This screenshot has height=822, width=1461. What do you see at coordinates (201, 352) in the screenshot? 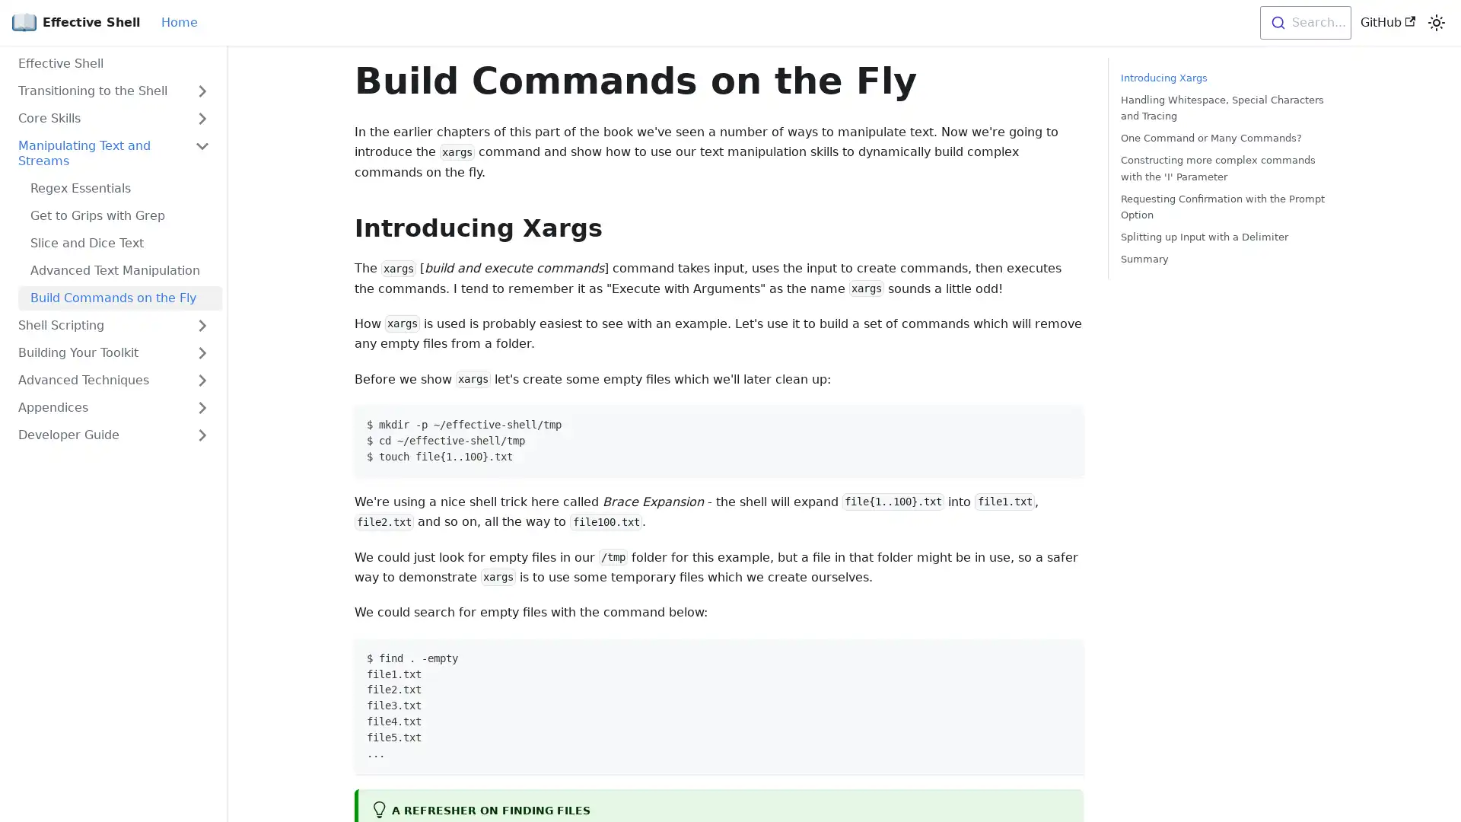
I see `Toggle the collapsible sidebar category 'Building Your Toolkit'` at bounding box center [201, 352].